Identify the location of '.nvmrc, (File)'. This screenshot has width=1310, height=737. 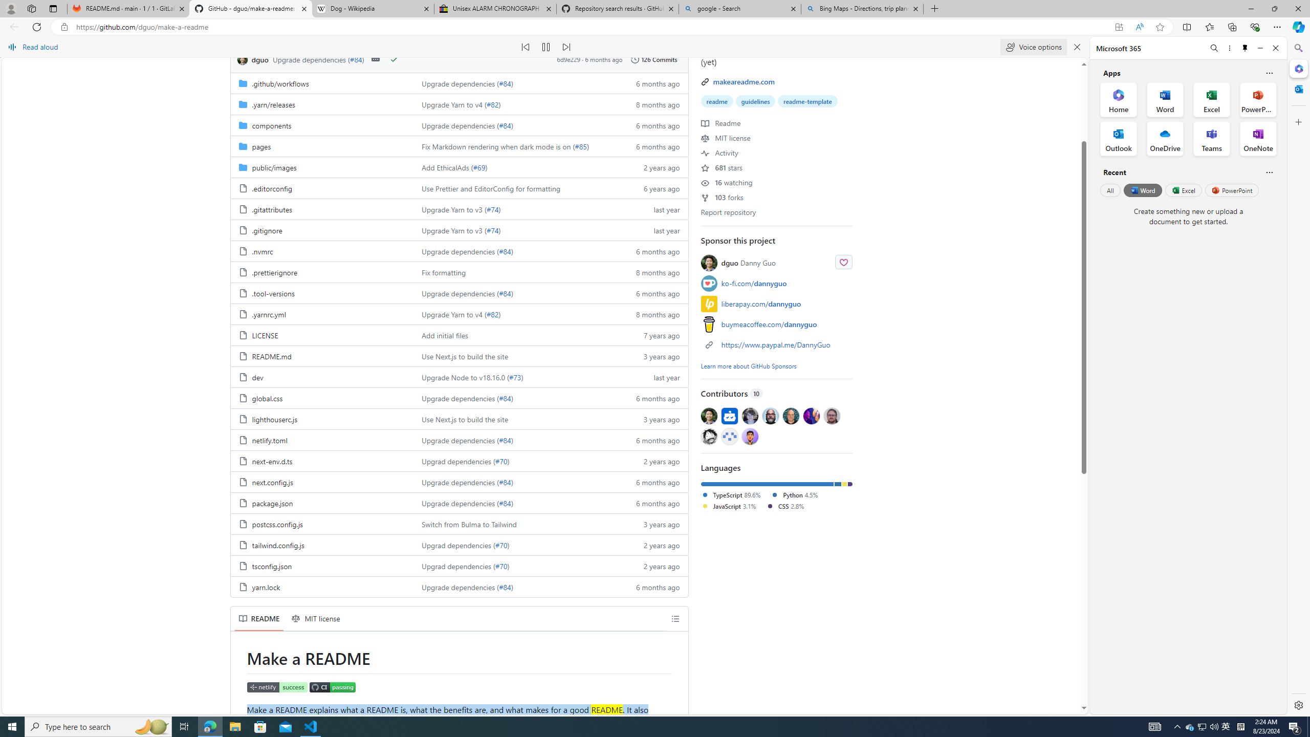
(321, 251).